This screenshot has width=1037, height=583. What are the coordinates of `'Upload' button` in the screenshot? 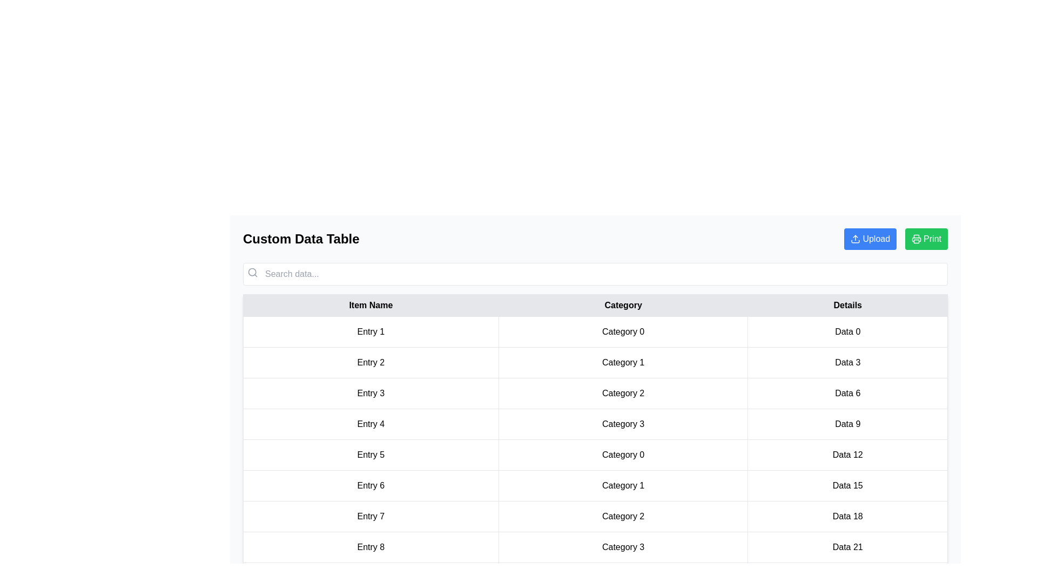 It's located at (870, 239).